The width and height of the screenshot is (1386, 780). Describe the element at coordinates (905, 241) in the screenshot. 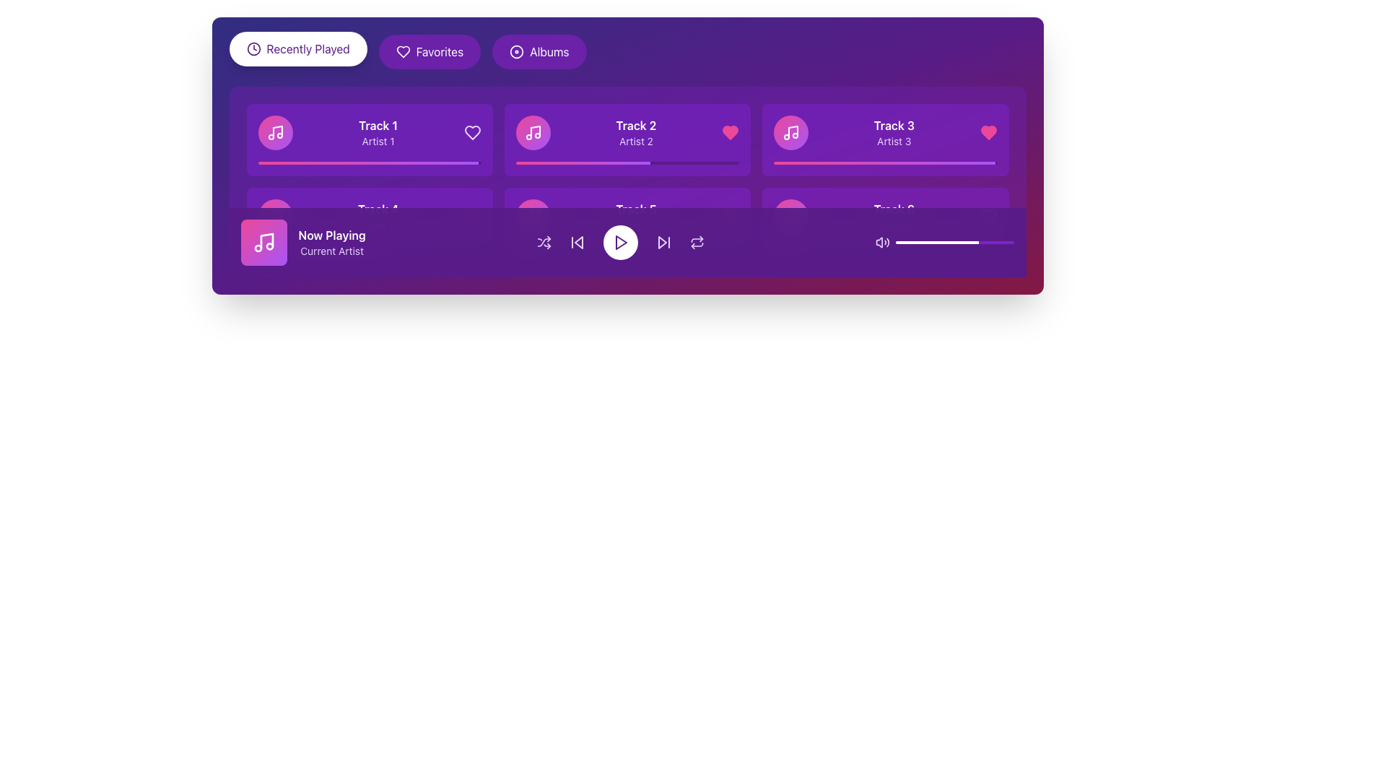

I see `the volume level` at that location.